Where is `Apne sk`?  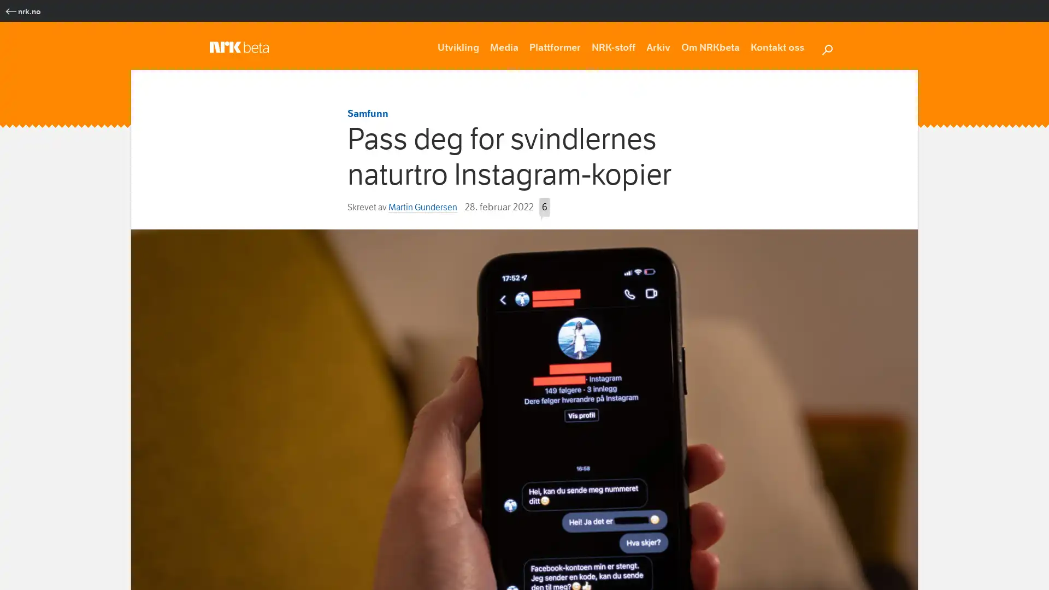 Apne sk is located at coordinates (827, 48).